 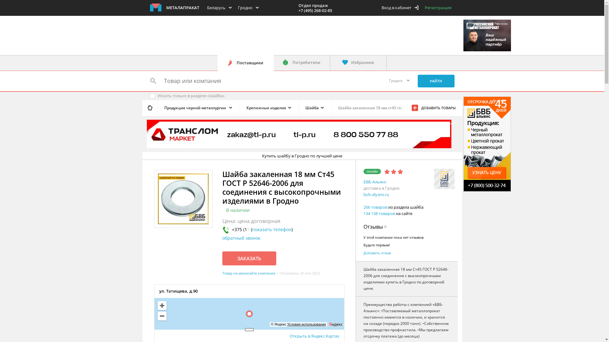 I want to click on 'bvb-alyans.ru', so click(x=376, y=194).